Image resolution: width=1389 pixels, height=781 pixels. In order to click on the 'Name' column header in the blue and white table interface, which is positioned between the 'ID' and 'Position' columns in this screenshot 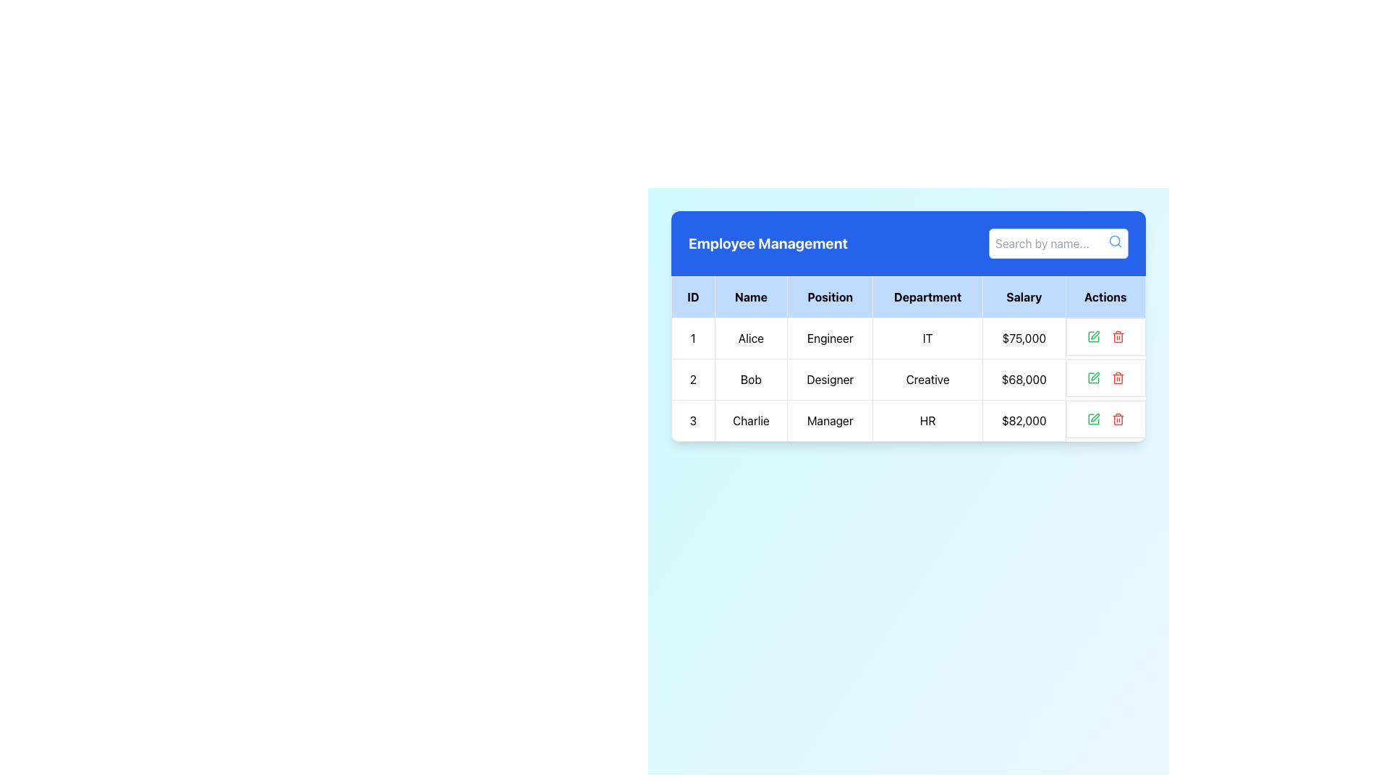, I will do `click(751, 296)`.